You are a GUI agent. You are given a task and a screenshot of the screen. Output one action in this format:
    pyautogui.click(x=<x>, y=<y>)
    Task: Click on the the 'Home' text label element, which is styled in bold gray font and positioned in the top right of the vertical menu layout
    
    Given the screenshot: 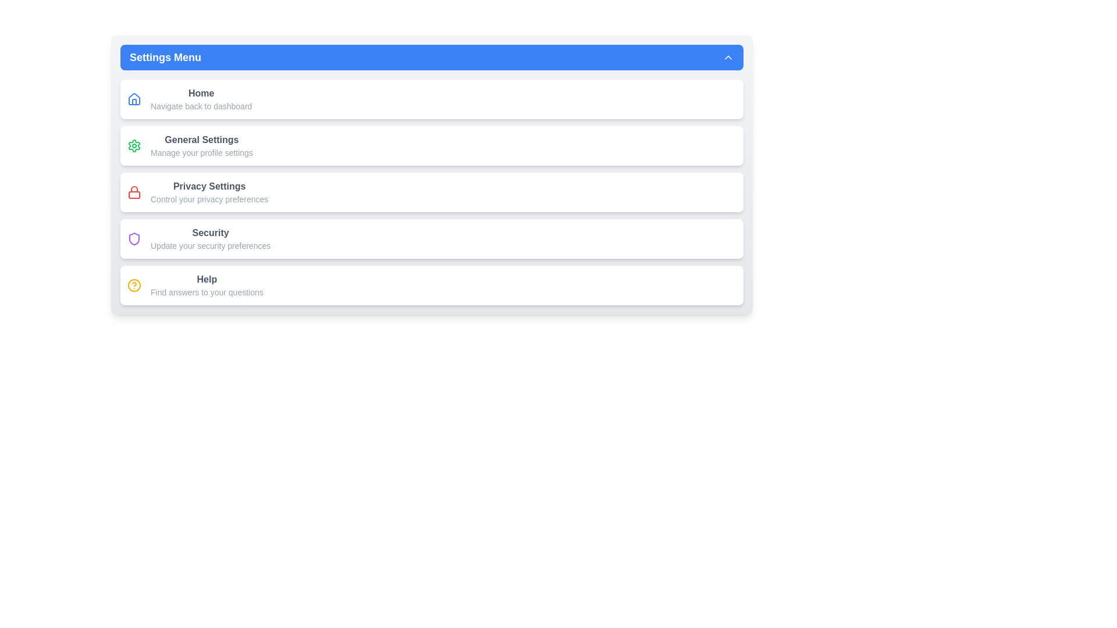 What is the action you would take?
    pyautogui.click(x=201, y=93)
    